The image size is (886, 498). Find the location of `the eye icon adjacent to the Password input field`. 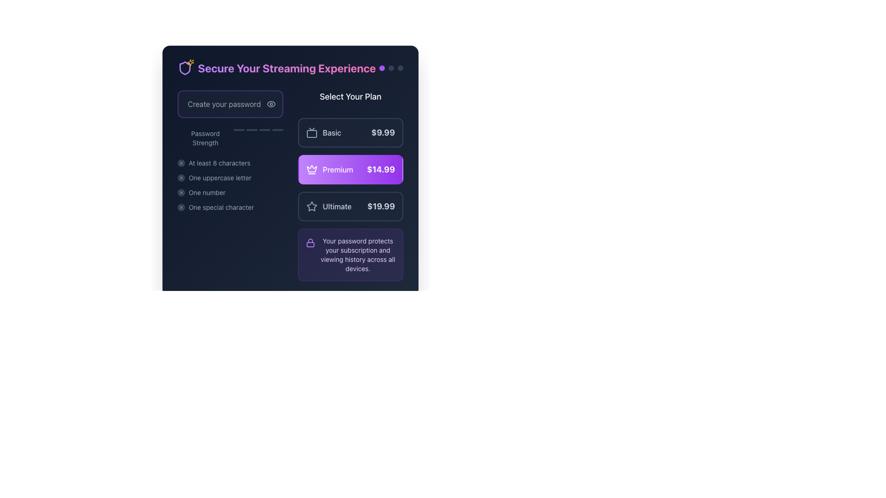

the eye icon adjacent to the Password input field is located at coordinates (230, 104).